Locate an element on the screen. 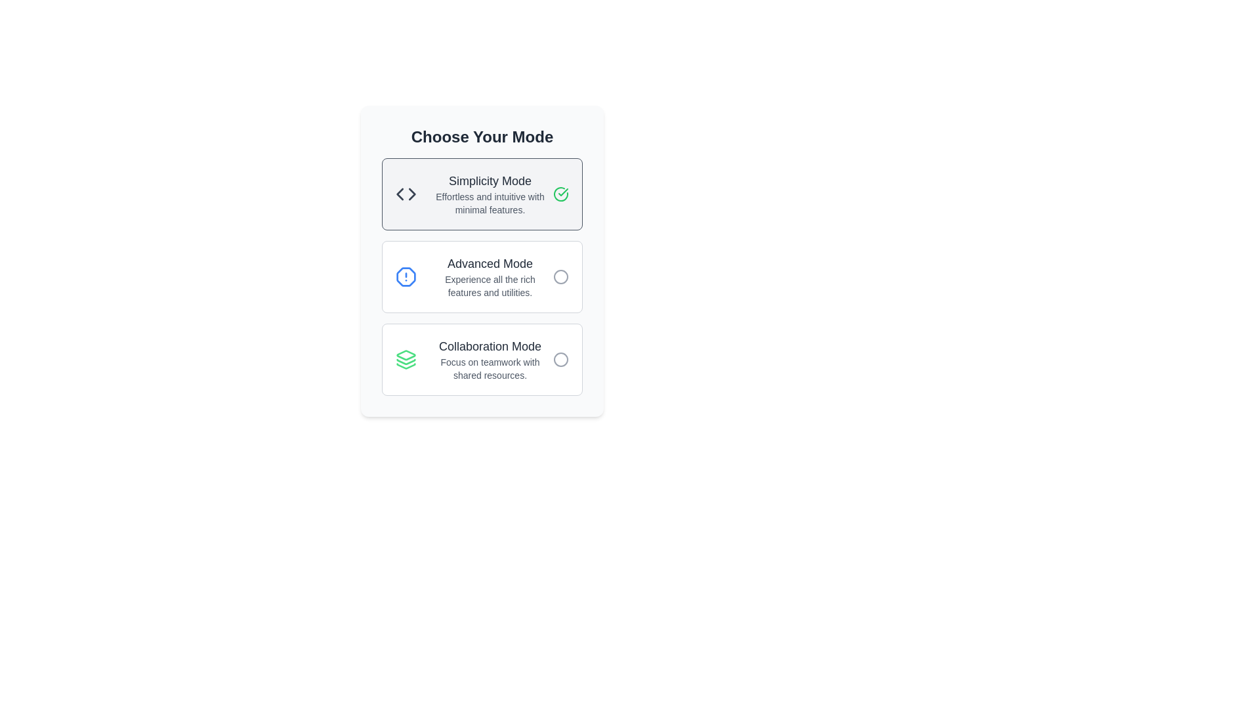 Image resolution: width=1260 pixels, height=709 pixels. the text block containing the sentence 'Effortless and intuitive with minimal features.' which is styled small and gray, located below the heading 'Simplicity Mode.' is located at coordinates (490, 203).